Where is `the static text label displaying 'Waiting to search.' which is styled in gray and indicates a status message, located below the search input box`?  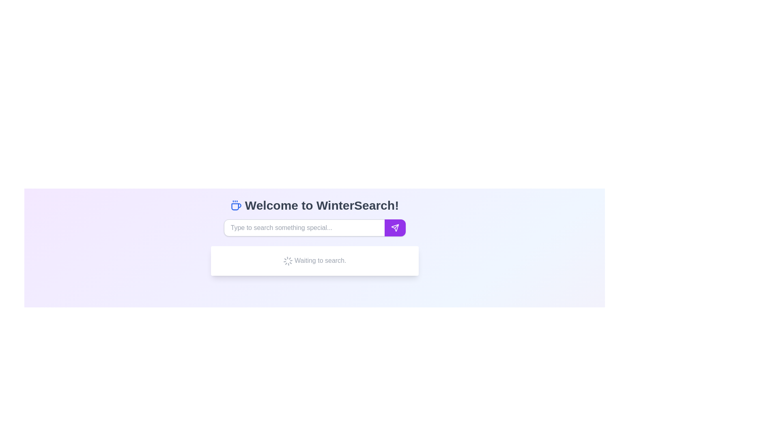 the static text label displaying 'Waiting to search.' which is styled in gray and indicates a status message, located below the search input box is located at coordinates (314, 261).